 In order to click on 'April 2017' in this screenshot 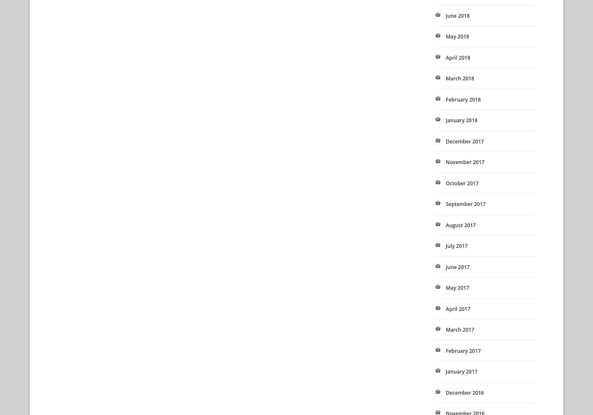, I will do `click(457, 308)`.